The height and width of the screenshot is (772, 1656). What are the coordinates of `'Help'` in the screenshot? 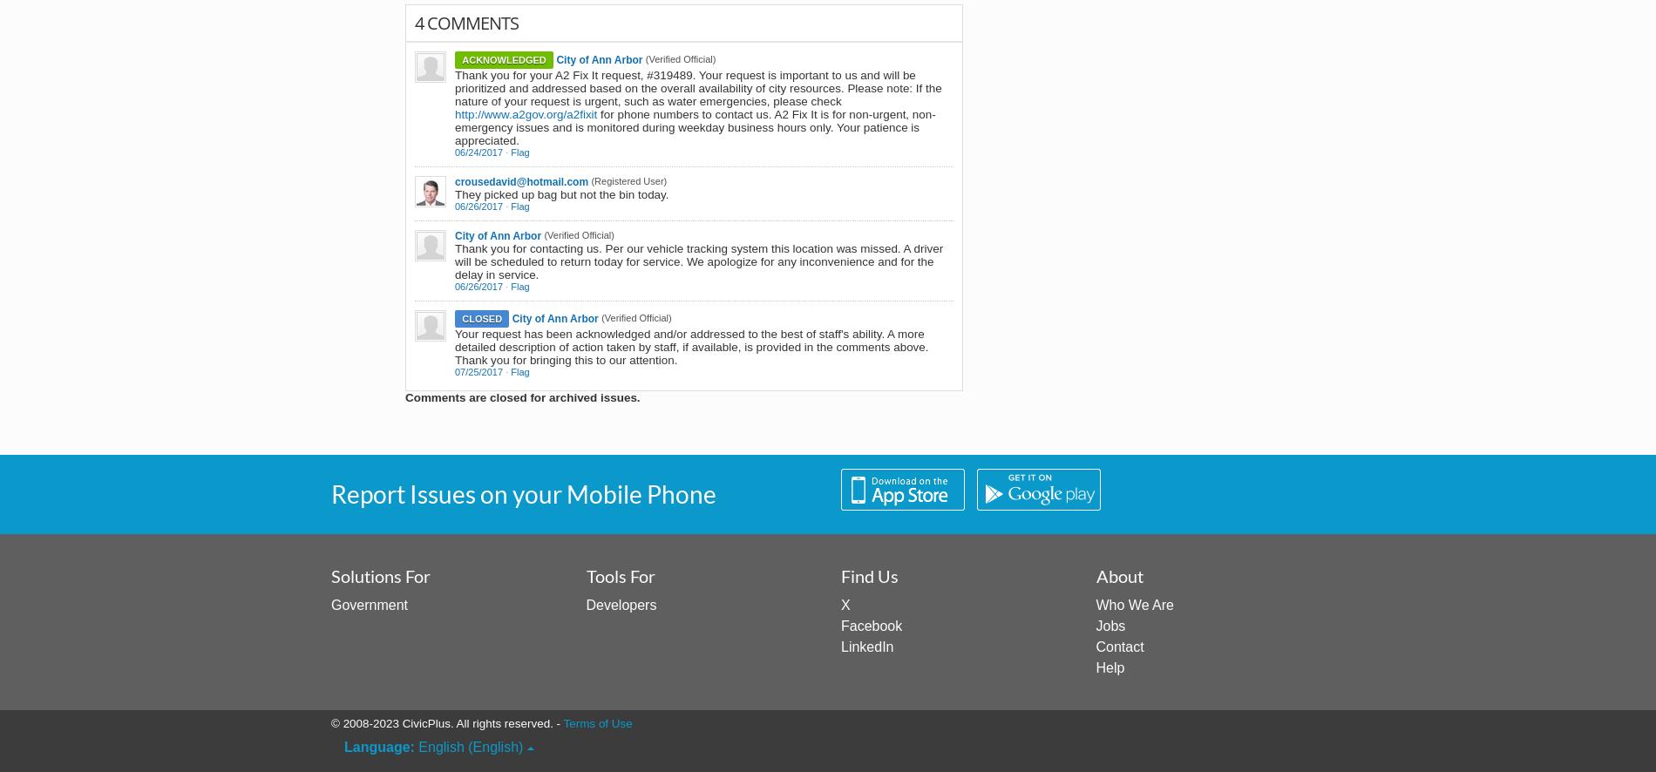 It's located at (1109, 666).